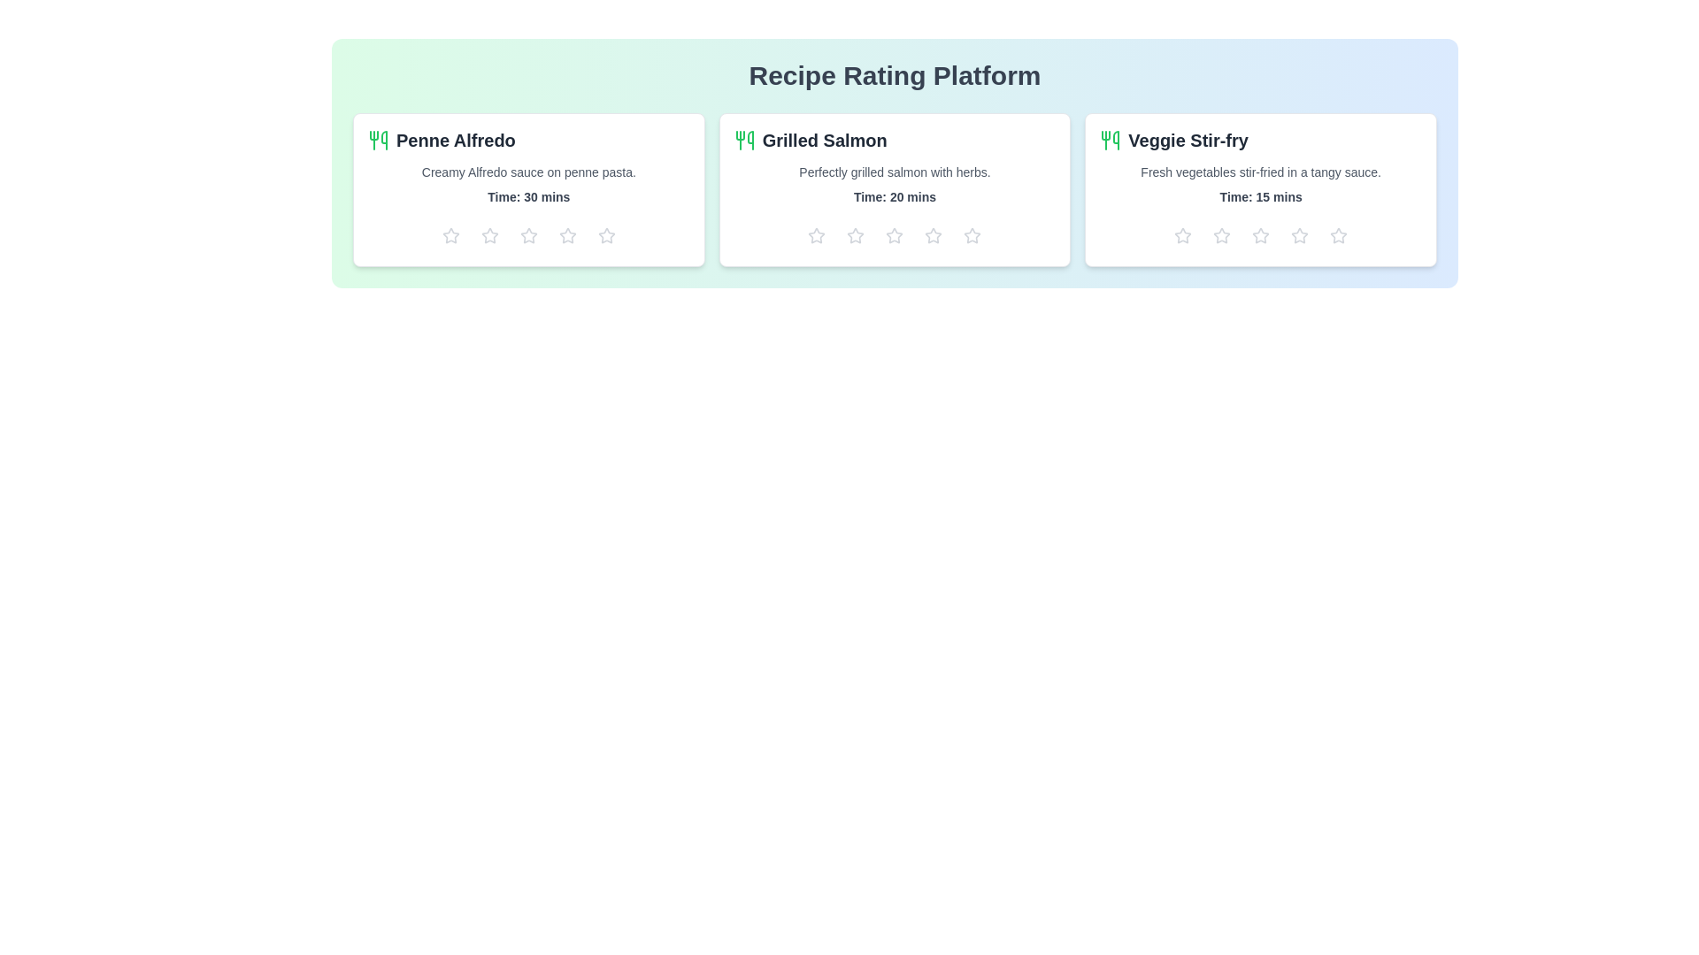 The width and height of the screenshot is (1699, 955). Describe the element at coordinates (489, 234) in the screenshot. I see `the star icon to set the rating to 2 for the recipe Penne Alfredo` at that location.